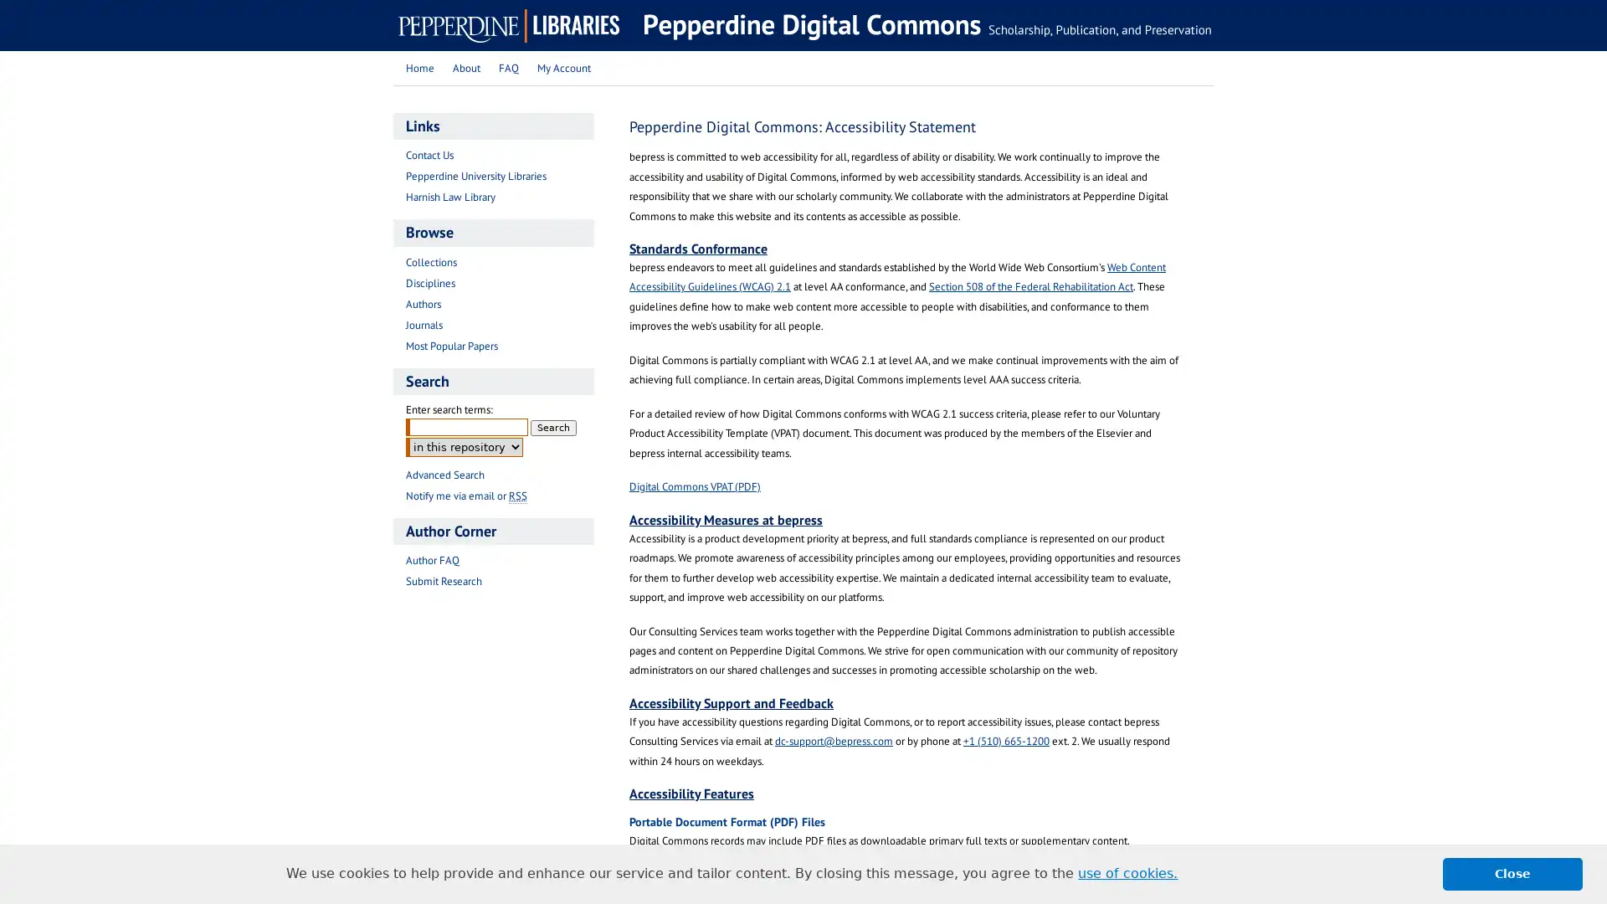  Describe the element at coordinates (553, 426) in the screenshot. I see `Search` at that location.